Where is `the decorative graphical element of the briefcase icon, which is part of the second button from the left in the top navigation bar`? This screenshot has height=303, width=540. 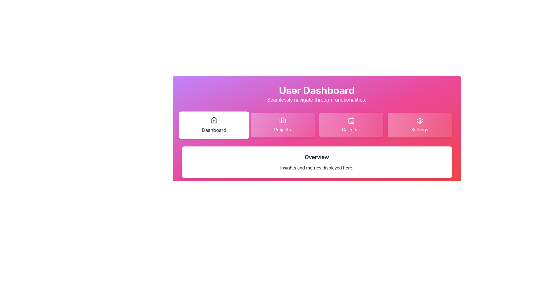
the decorative graphical element of the briefcase icon, which is part of the second button from the left in the top navigation bar is located at coordinates (282, 120).